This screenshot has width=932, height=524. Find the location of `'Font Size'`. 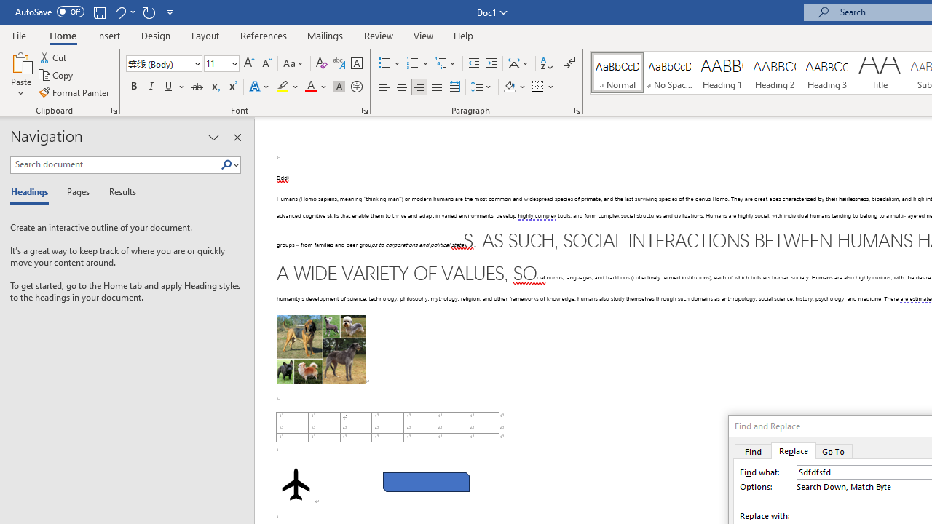

'Font Size' is located at coordinates (221, 63).